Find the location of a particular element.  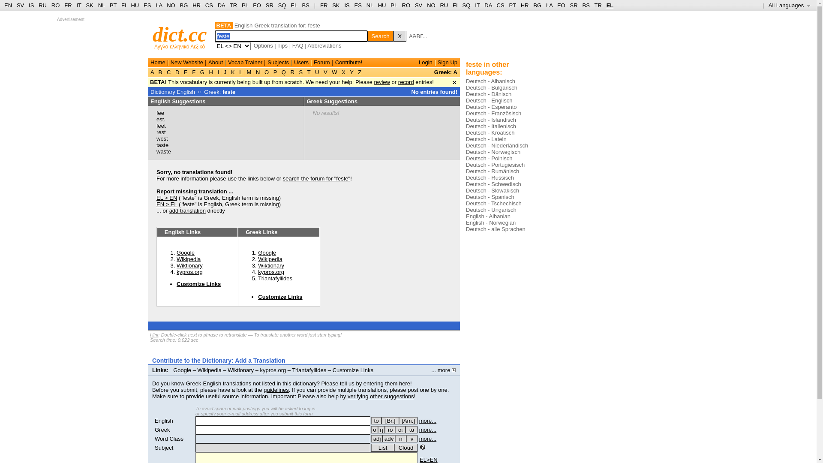

'Deutsch - Schwedisch' is located at coordinates (493, 183).